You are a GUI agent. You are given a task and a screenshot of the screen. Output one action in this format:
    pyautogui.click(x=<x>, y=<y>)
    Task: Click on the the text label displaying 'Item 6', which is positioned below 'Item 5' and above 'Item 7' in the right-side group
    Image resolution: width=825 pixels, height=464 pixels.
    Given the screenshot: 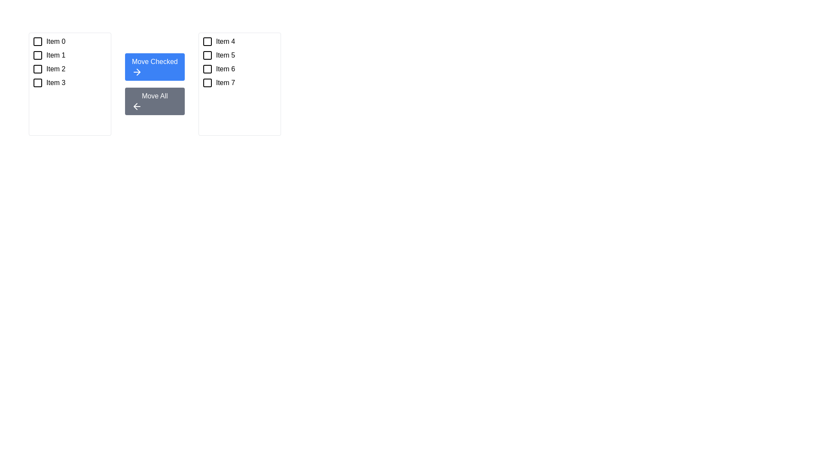 What is the action you would take?
    pyautogui.click(x=225, y=69)
    